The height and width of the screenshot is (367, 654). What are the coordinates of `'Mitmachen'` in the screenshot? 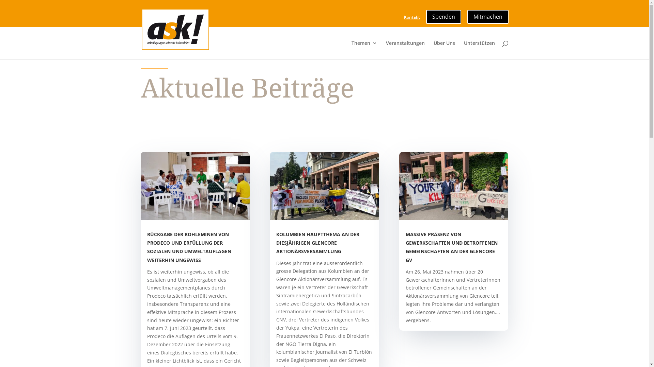 It's located at (487, 15).